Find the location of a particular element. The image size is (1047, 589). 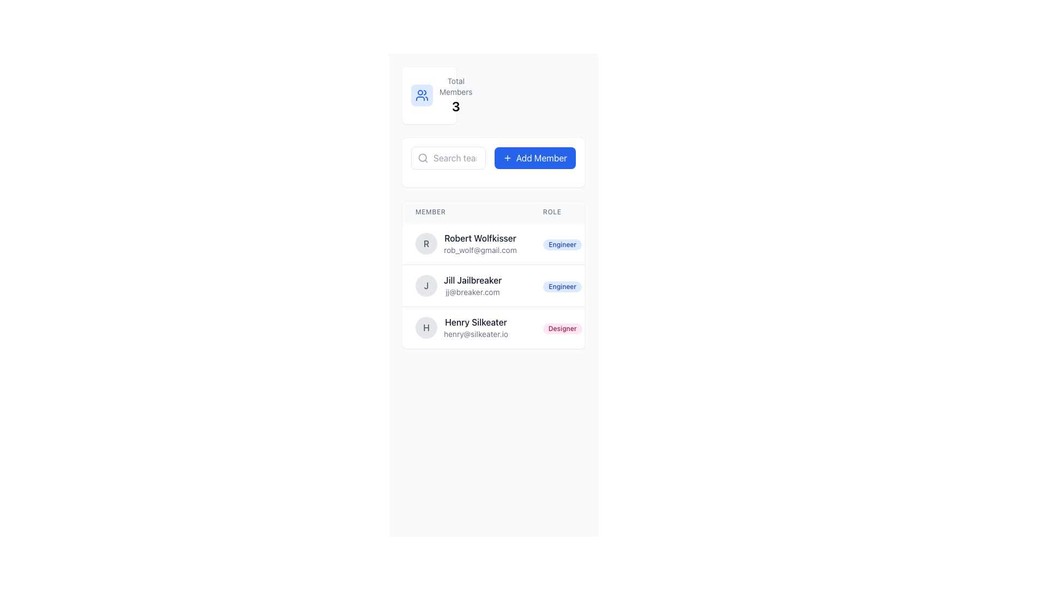

the list item displaying user details for a detailed view of the user's contact information, which includes their name and email address is located at coordinates (466, 243).